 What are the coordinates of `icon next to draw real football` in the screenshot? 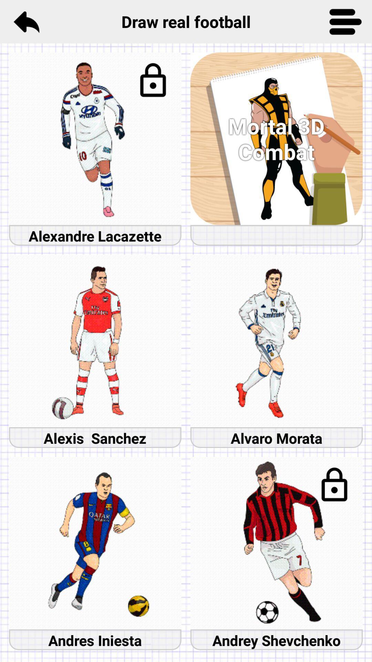 It's located at (345, 21).